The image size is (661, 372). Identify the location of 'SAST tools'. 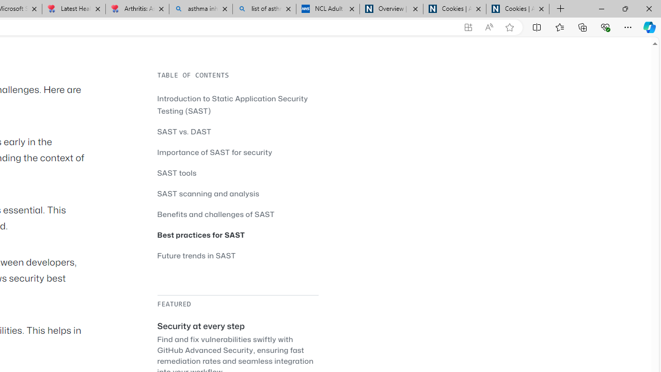
(237, 172).